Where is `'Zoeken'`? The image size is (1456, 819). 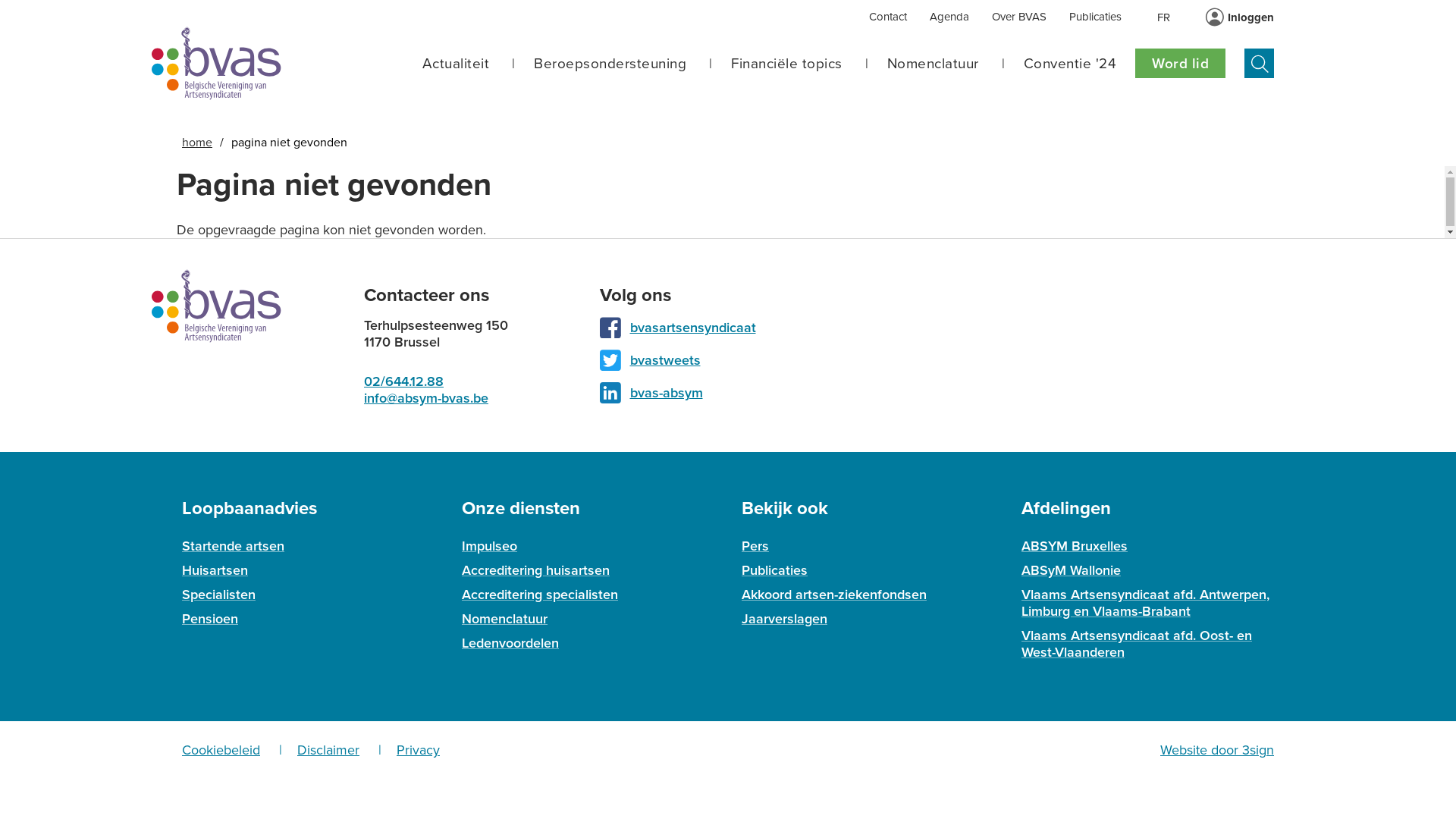 'Zoeken' is located at coordinates (1259, 62).